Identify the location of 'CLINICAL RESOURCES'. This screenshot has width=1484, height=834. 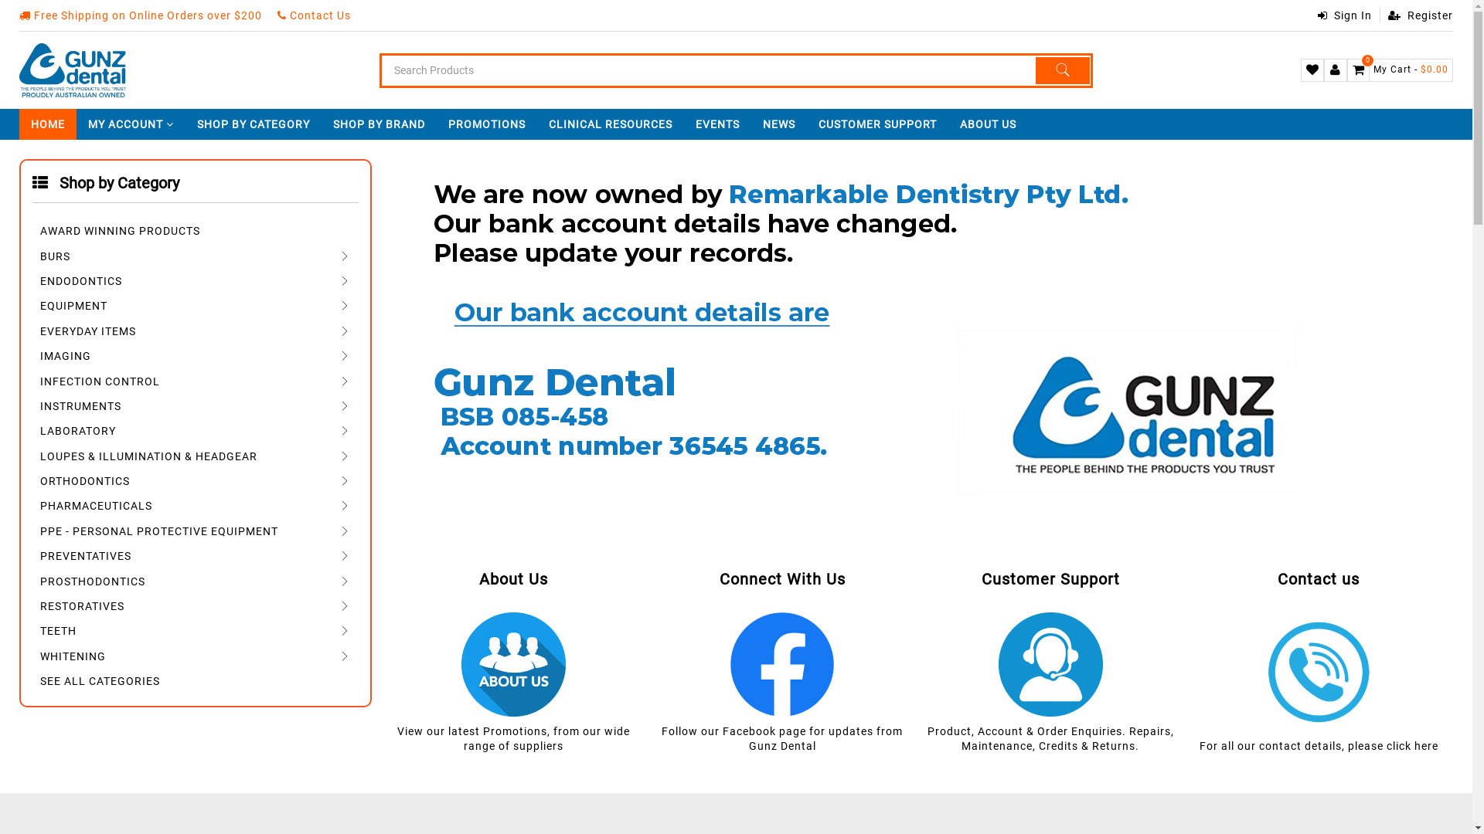
(537, 124).